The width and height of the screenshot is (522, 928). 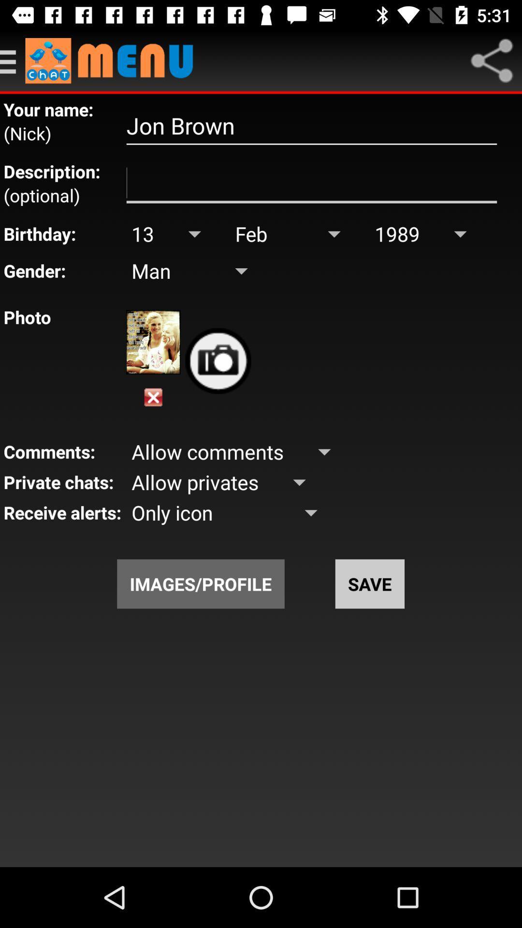 What do you see at coordinates (114, 60) in the screenshot?
I see `home page` at bounding box center [114, 60].